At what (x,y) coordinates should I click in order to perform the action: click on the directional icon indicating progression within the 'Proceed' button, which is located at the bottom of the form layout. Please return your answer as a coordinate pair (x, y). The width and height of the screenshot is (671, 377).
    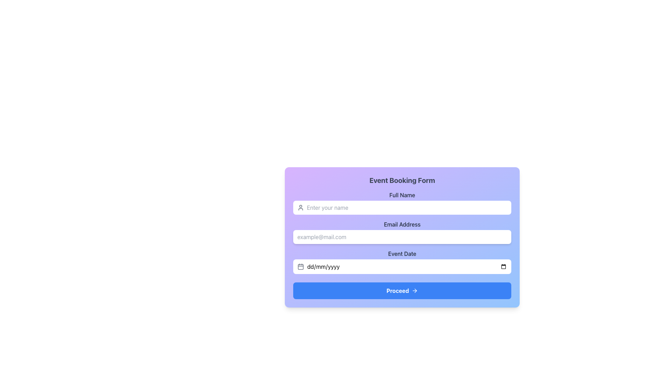
    Looking at the image, I should click on (415, 291).